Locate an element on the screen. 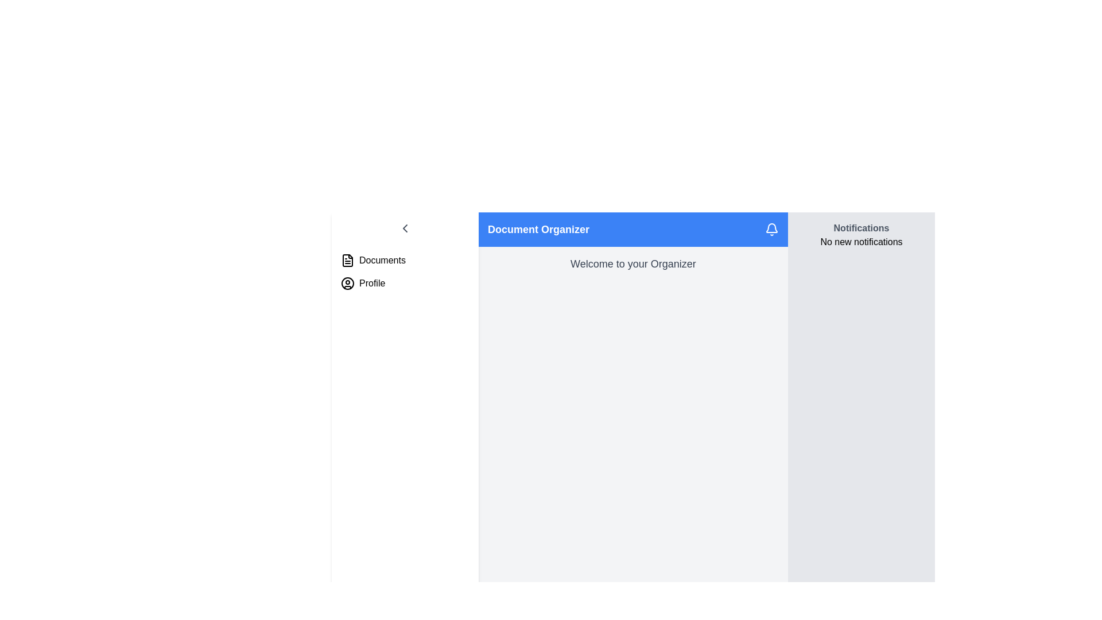 This screenshot has height=620, width=1102. the sidebar toggle button to change the sidebar visibility is located at coordinates (405, 228).